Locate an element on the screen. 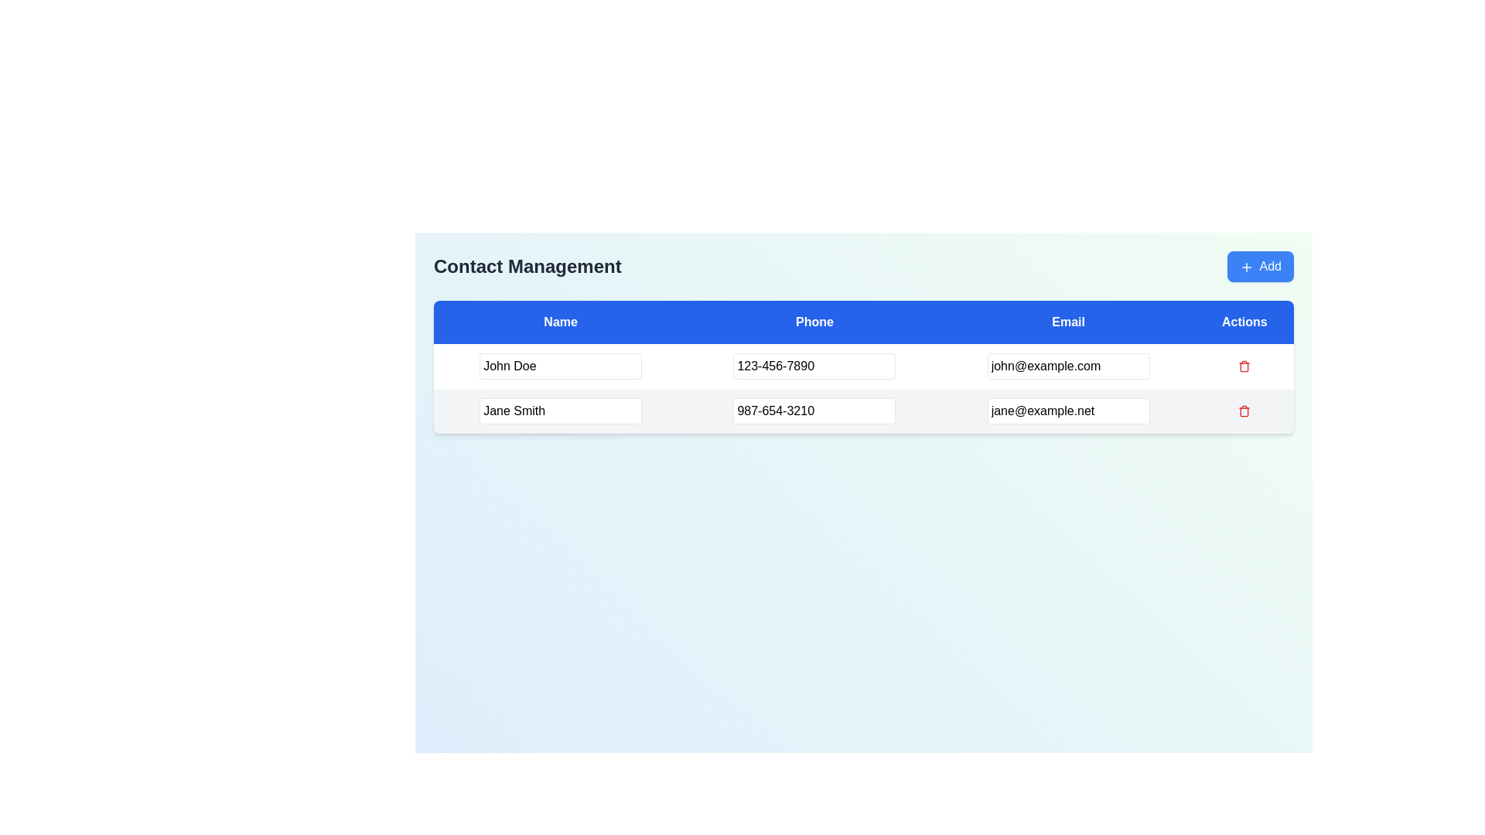 Image resolution: width=1485 pixels, height=835 pixels. the 'Email' table column header, which is displayed in bold white font on a blue background, to perform actions on the table below is located at coordinates (1067, 321).